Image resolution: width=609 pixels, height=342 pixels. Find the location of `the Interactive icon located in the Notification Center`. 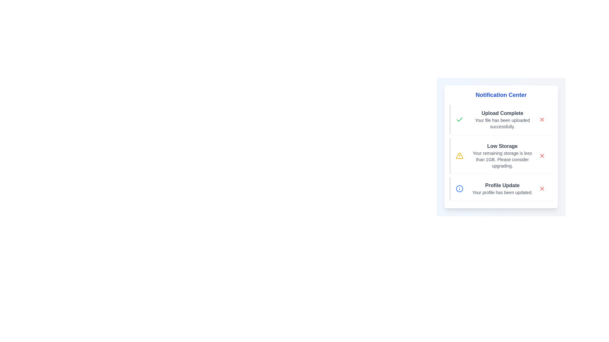

the Interactive icon located in the Notification Center is located at coordinates (541, 120).